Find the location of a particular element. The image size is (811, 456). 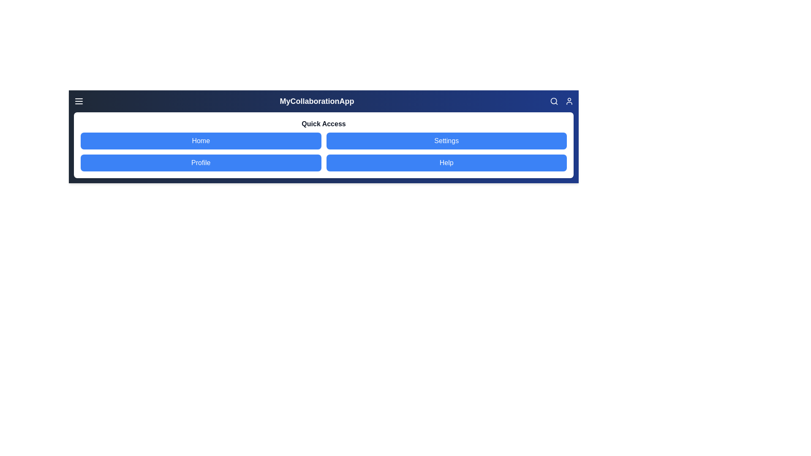

the Settings button in the quick access section is located at coordinates (446, 141).